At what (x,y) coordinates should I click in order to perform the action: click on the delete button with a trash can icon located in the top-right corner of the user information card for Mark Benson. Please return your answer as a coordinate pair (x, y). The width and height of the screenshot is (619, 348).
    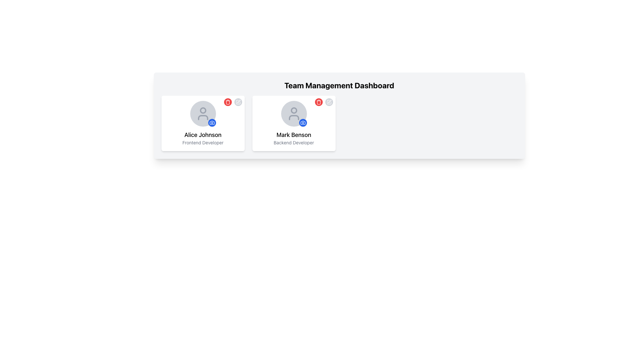
    Looking at the image, I should click on (319, 101).